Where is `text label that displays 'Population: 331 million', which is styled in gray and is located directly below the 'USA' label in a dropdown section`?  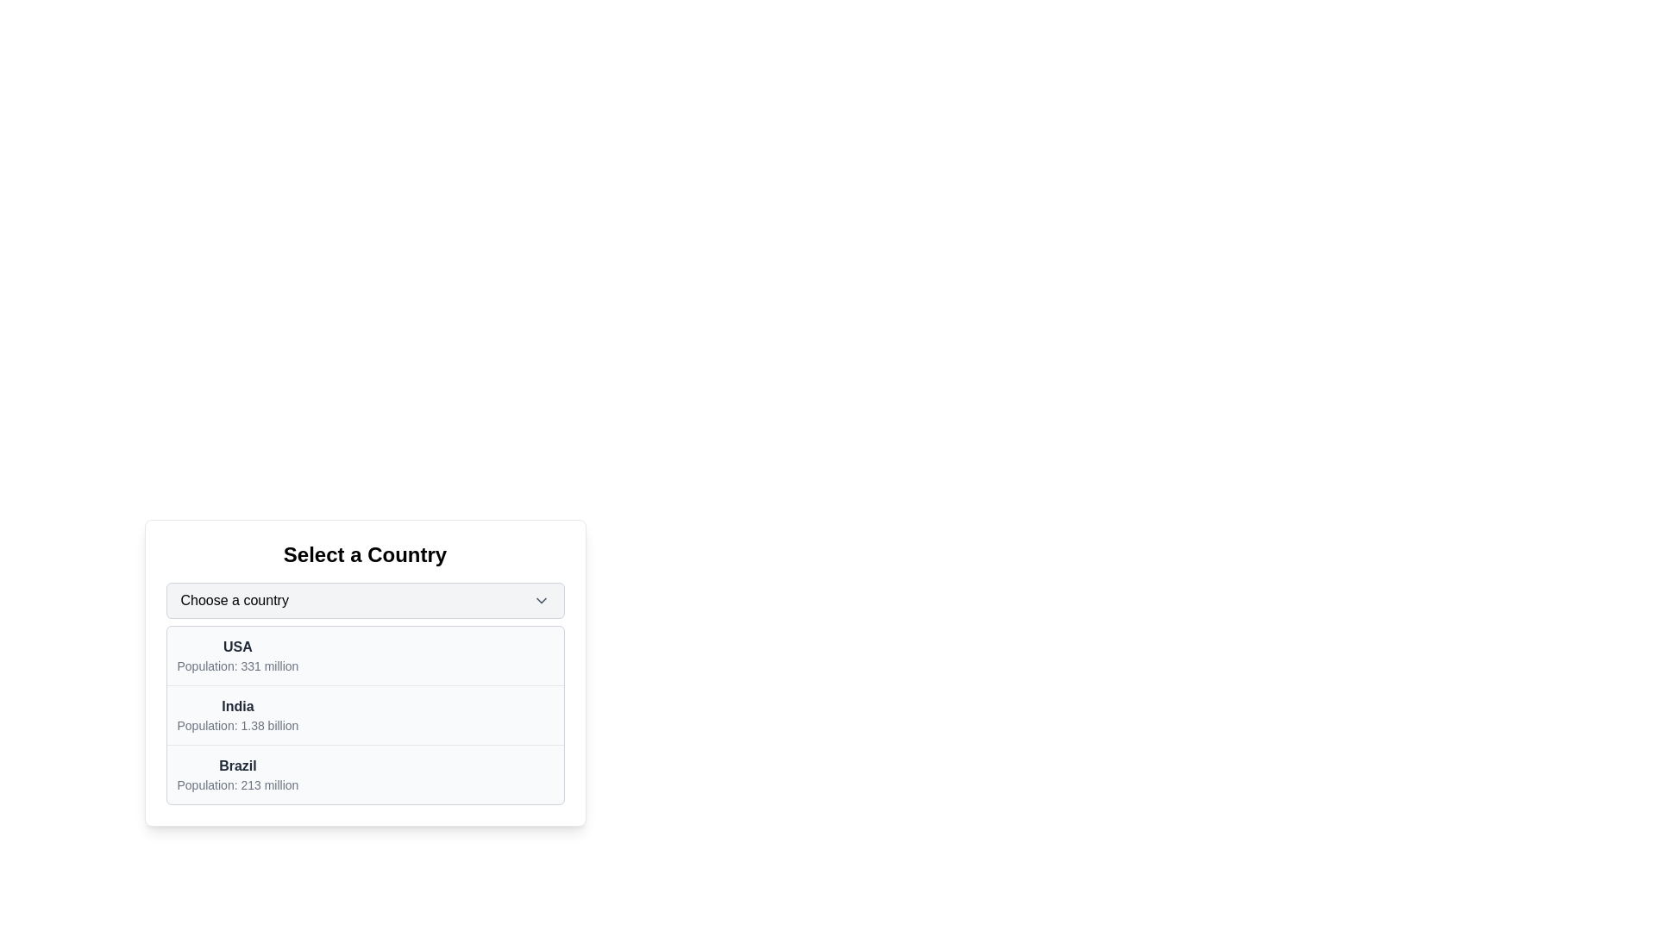 text label that displays 'Population: 331 million', which is styled in gray and is located directly below the 'USA' label in a dropdown section is located at coordinates (236, 665).